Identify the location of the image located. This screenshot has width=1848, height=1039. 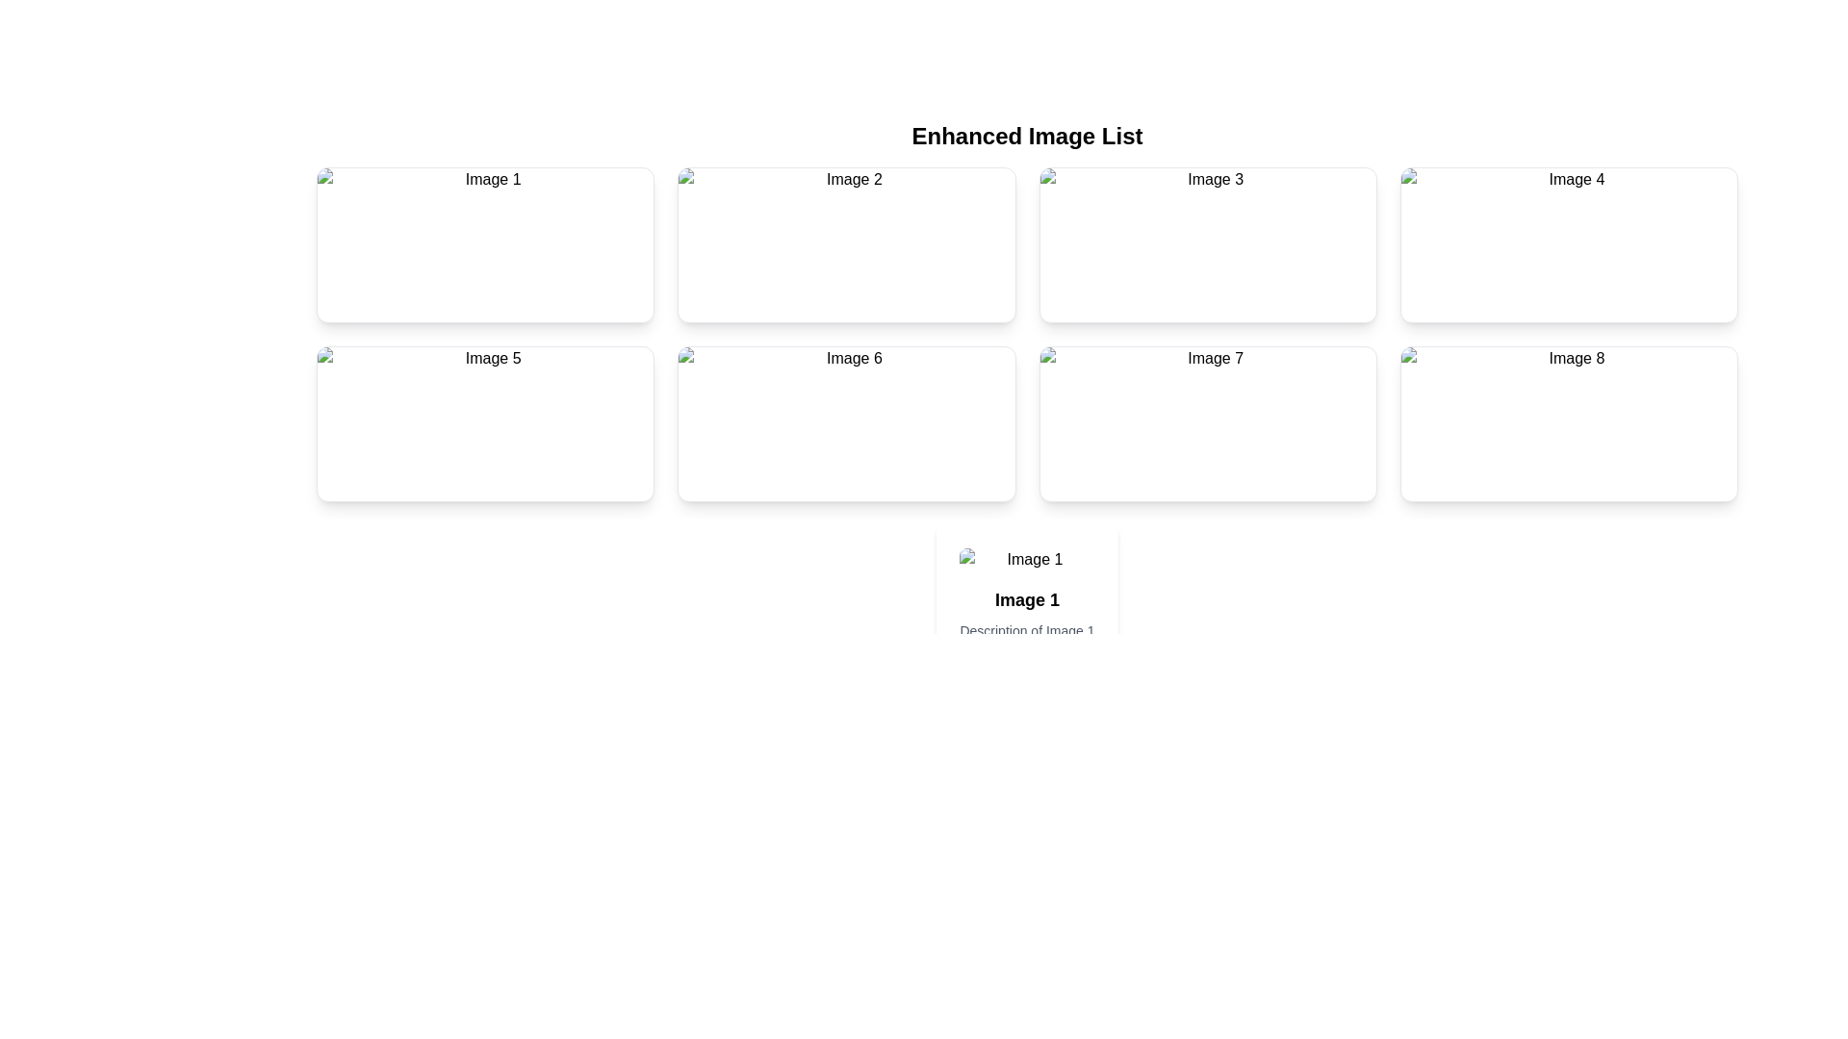
(1206, 243).